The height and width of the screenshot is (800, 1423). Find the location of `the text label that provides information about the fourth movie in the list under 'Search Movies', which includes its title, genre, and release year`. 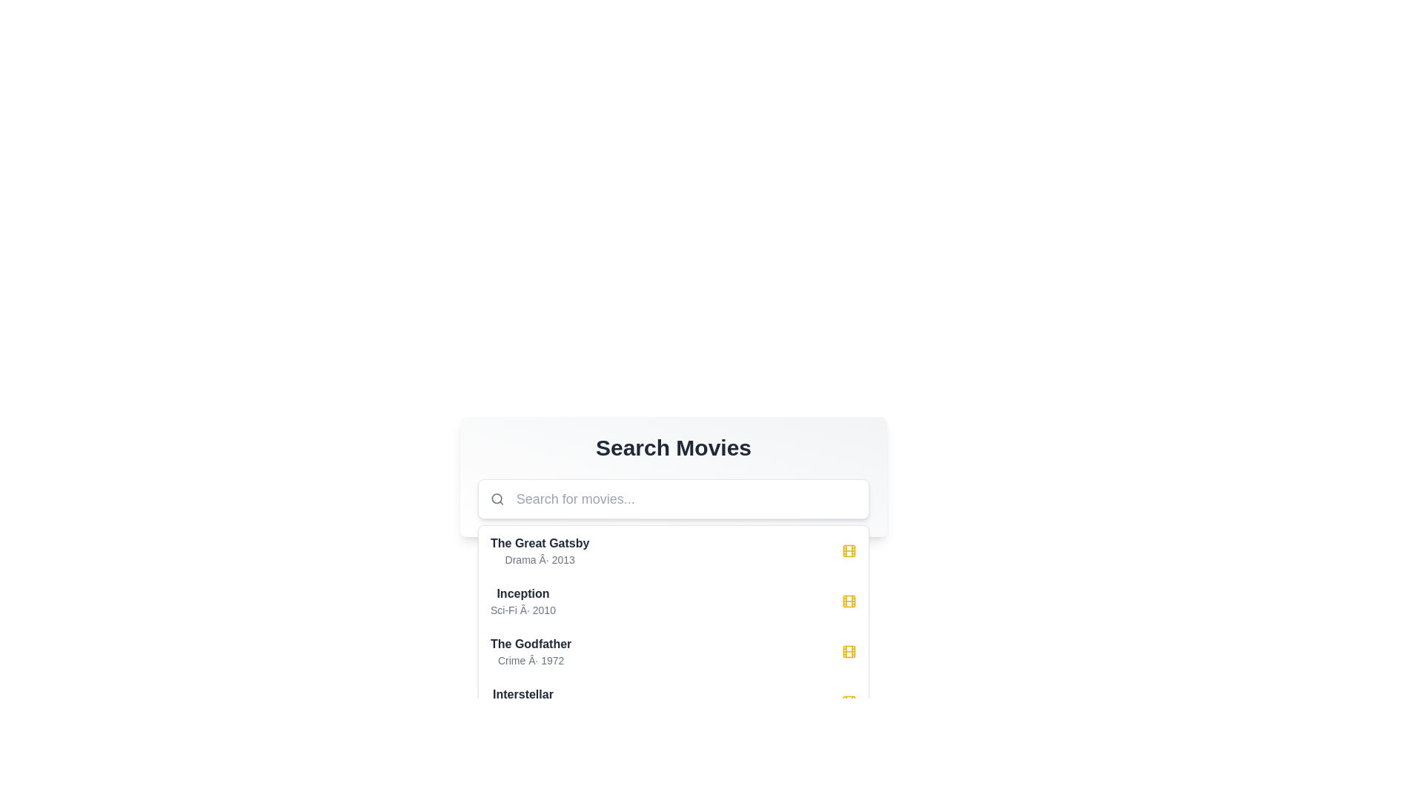

the text label that provides information about the fourth movie in the list under 'Search Movies', which includes its title, genre, and release year is located at coordinates (523, 701).